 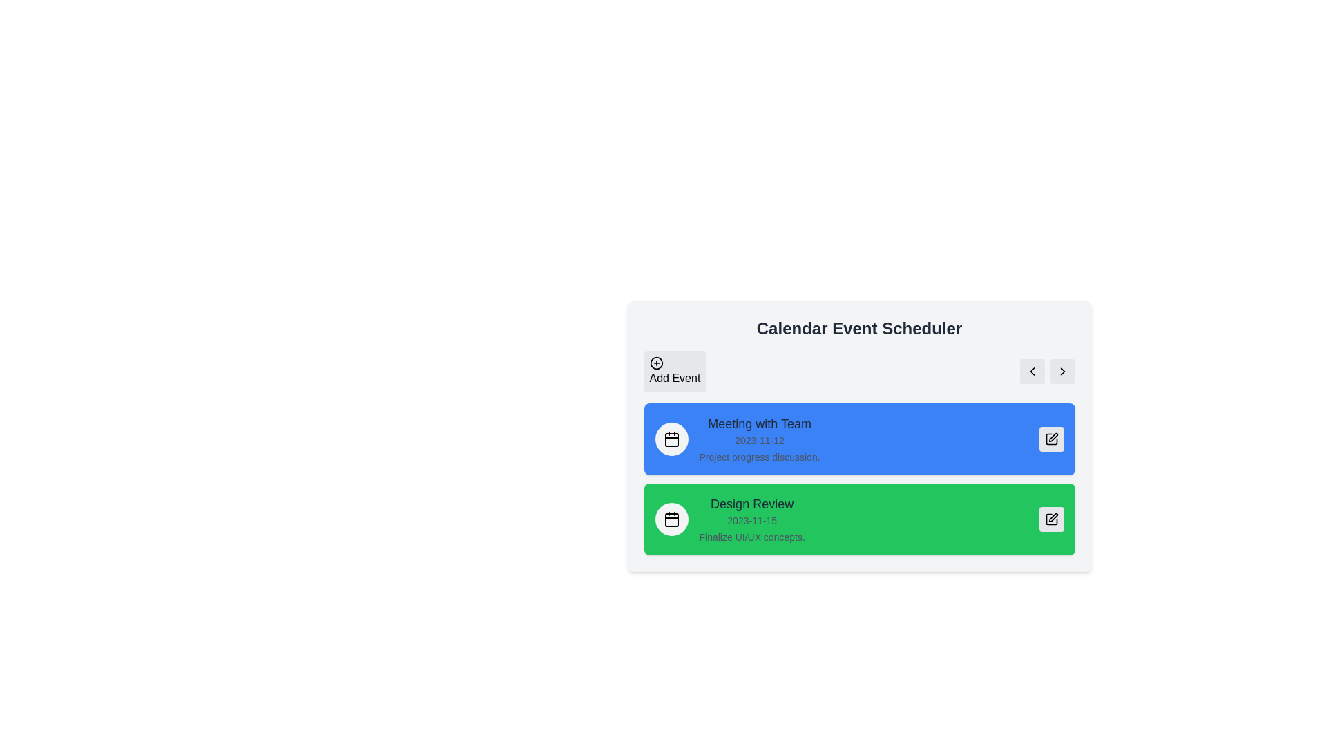 I want to click on the static text label that says 'Finalize UI/UX concepts.' which is located under the 'Design Review' section in a green box, so click(x=751, y=537).